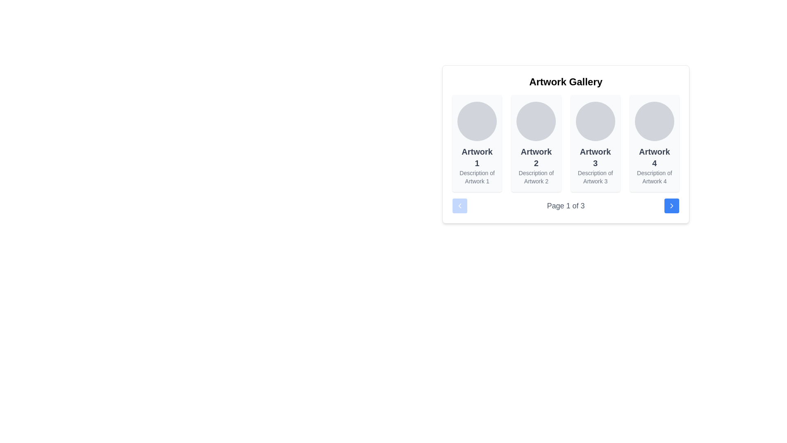  What do you see at coordinates (671, 205) in the screenshot?
I see `the chevron icon within the circular button at the bottom-right corner of the artwork gallery` at bounding box center [671, 205].